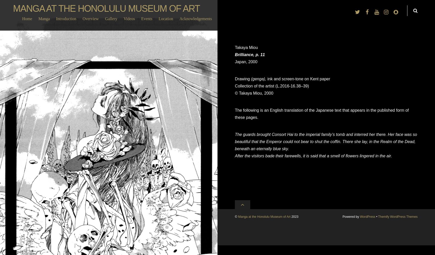 This screenshot has height=255, width=435. I want to click on 'Drawing', so click(243, 79).